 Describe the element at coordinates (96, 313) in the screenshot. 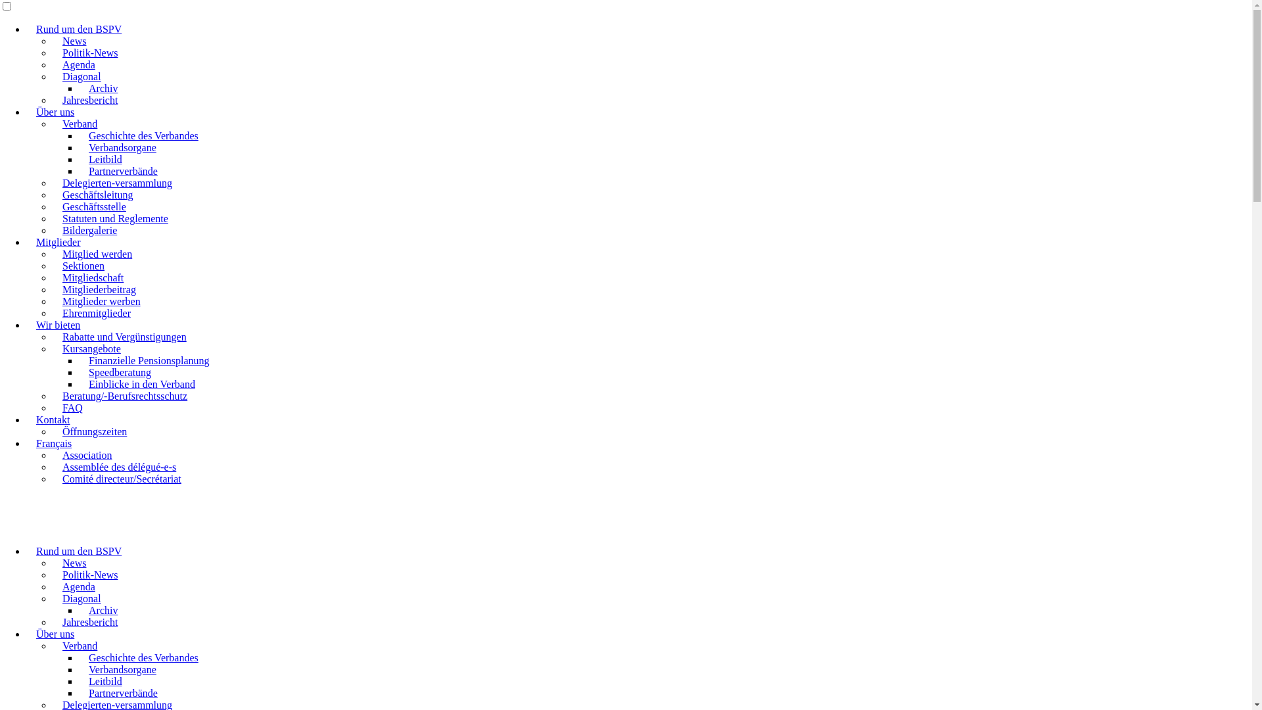

I see `'Ehrenmitglieder'` at that location.